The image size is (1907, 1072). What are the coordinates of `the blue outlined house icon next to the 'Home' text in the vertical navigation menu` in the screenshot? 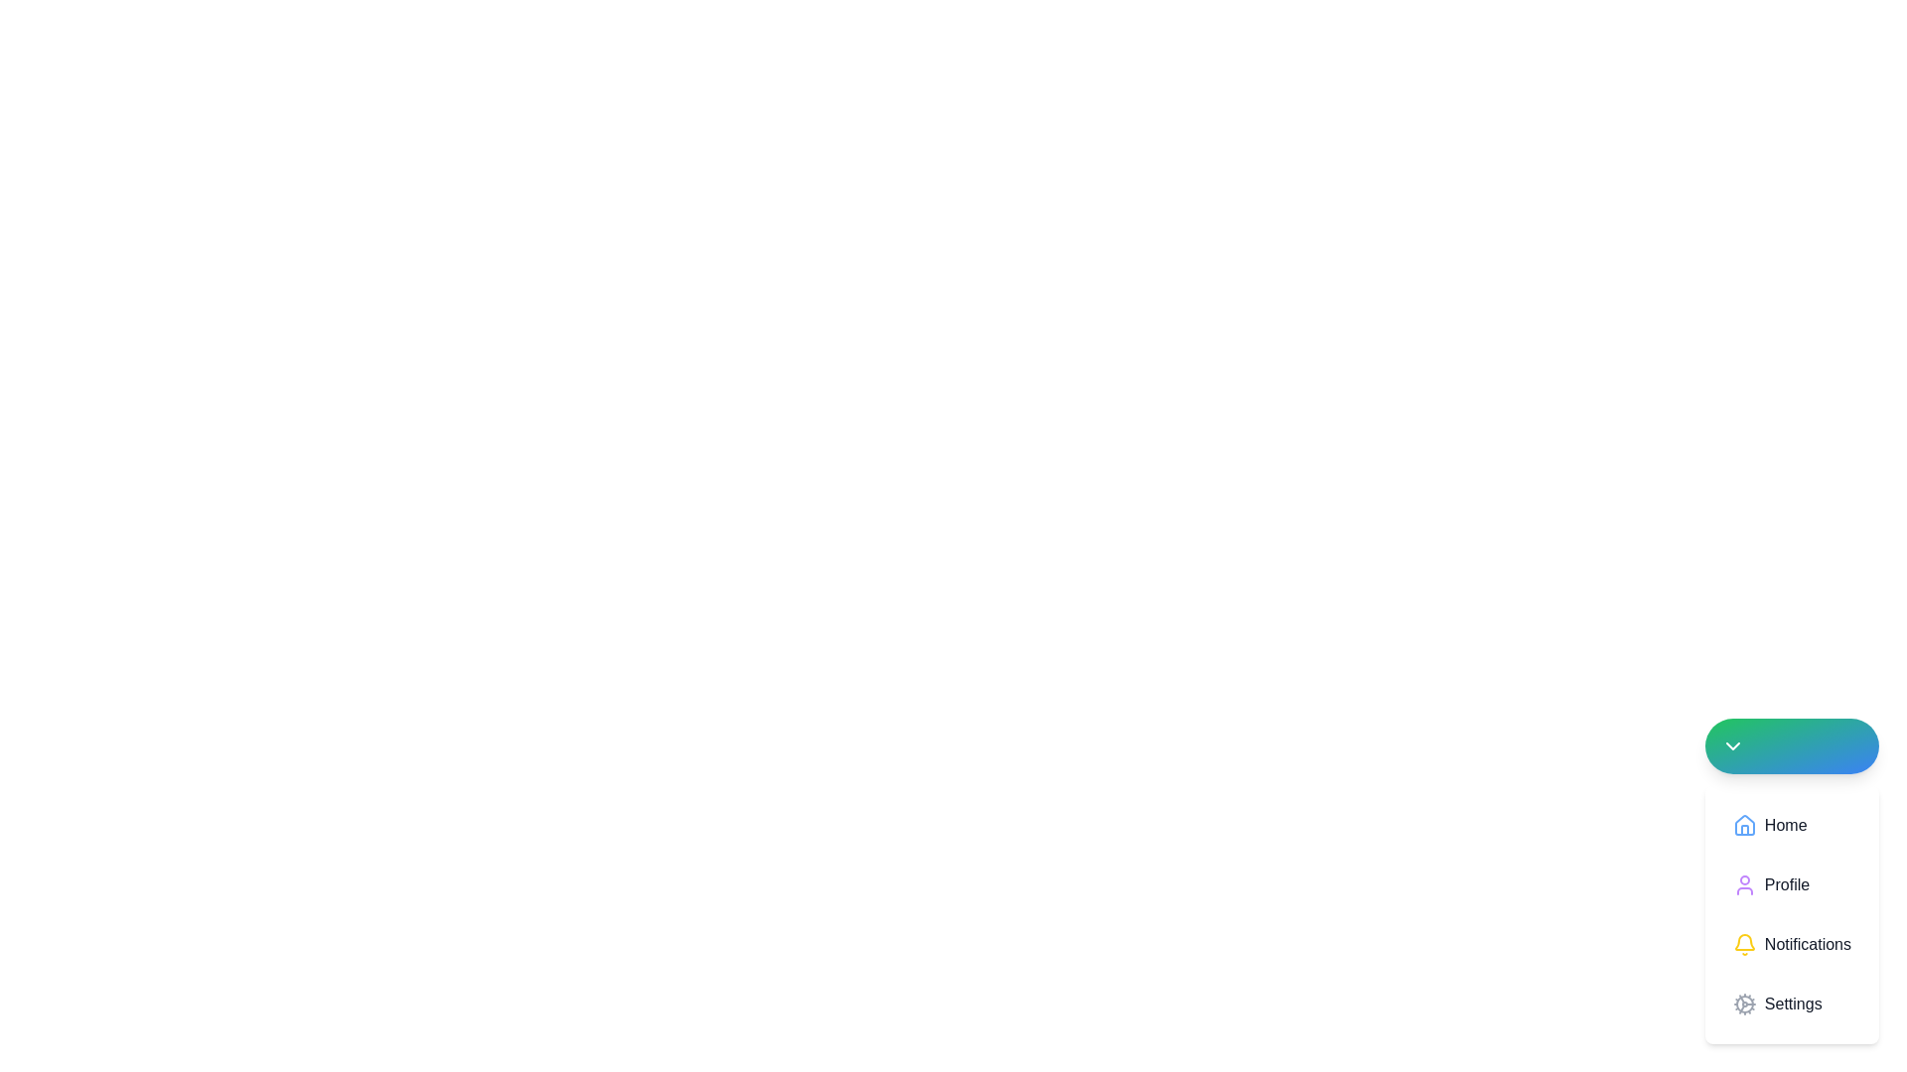 It's located at (1743, 826).